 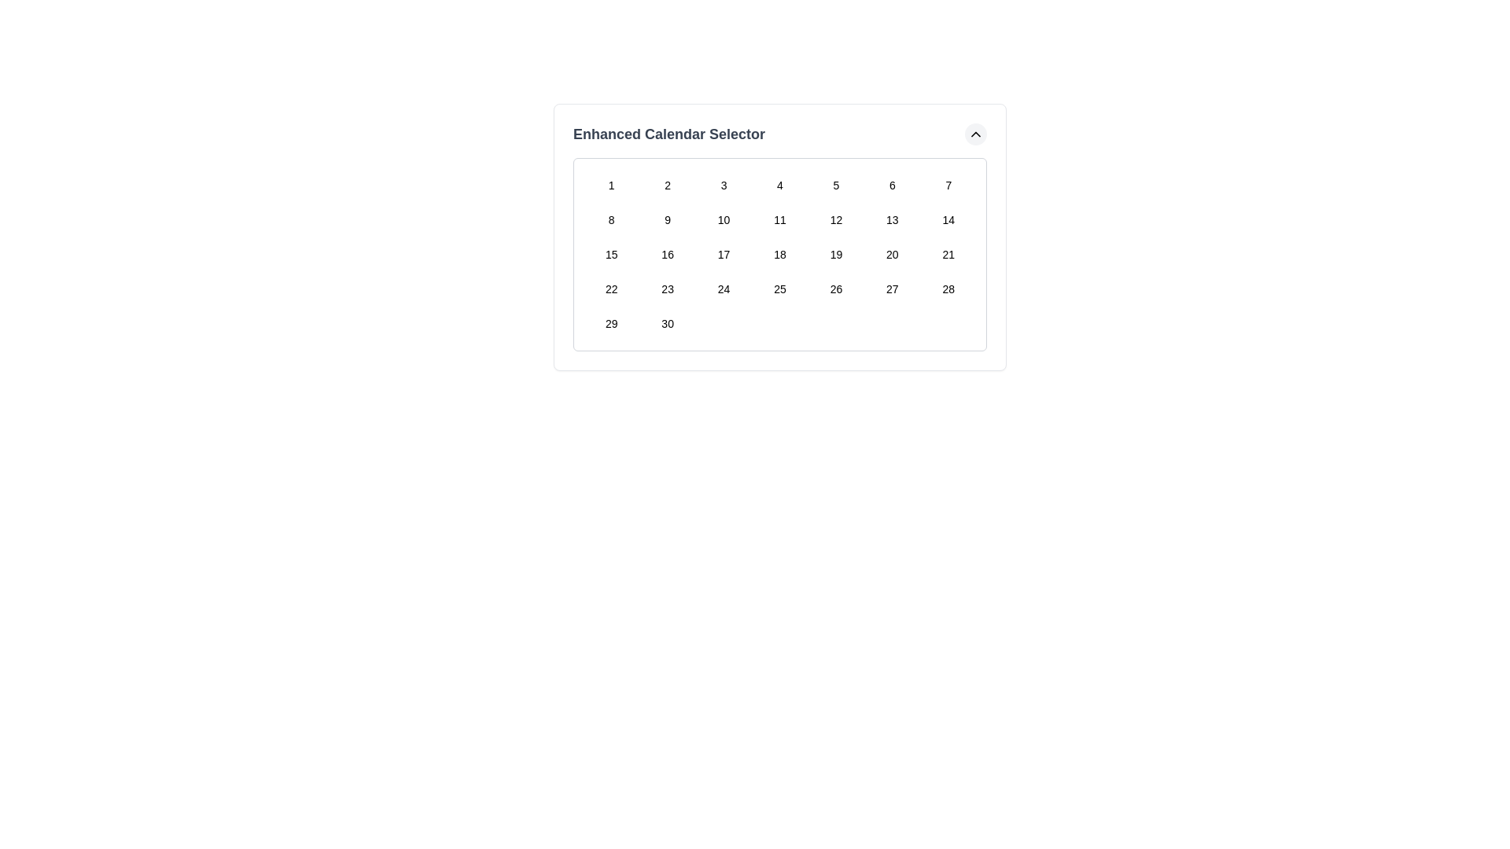 What do you see at coordinates (610, 184) in the screenshot?
I see `the first button in the first row of the calendar grid labeled '1'` at bounding box center [610, 184].